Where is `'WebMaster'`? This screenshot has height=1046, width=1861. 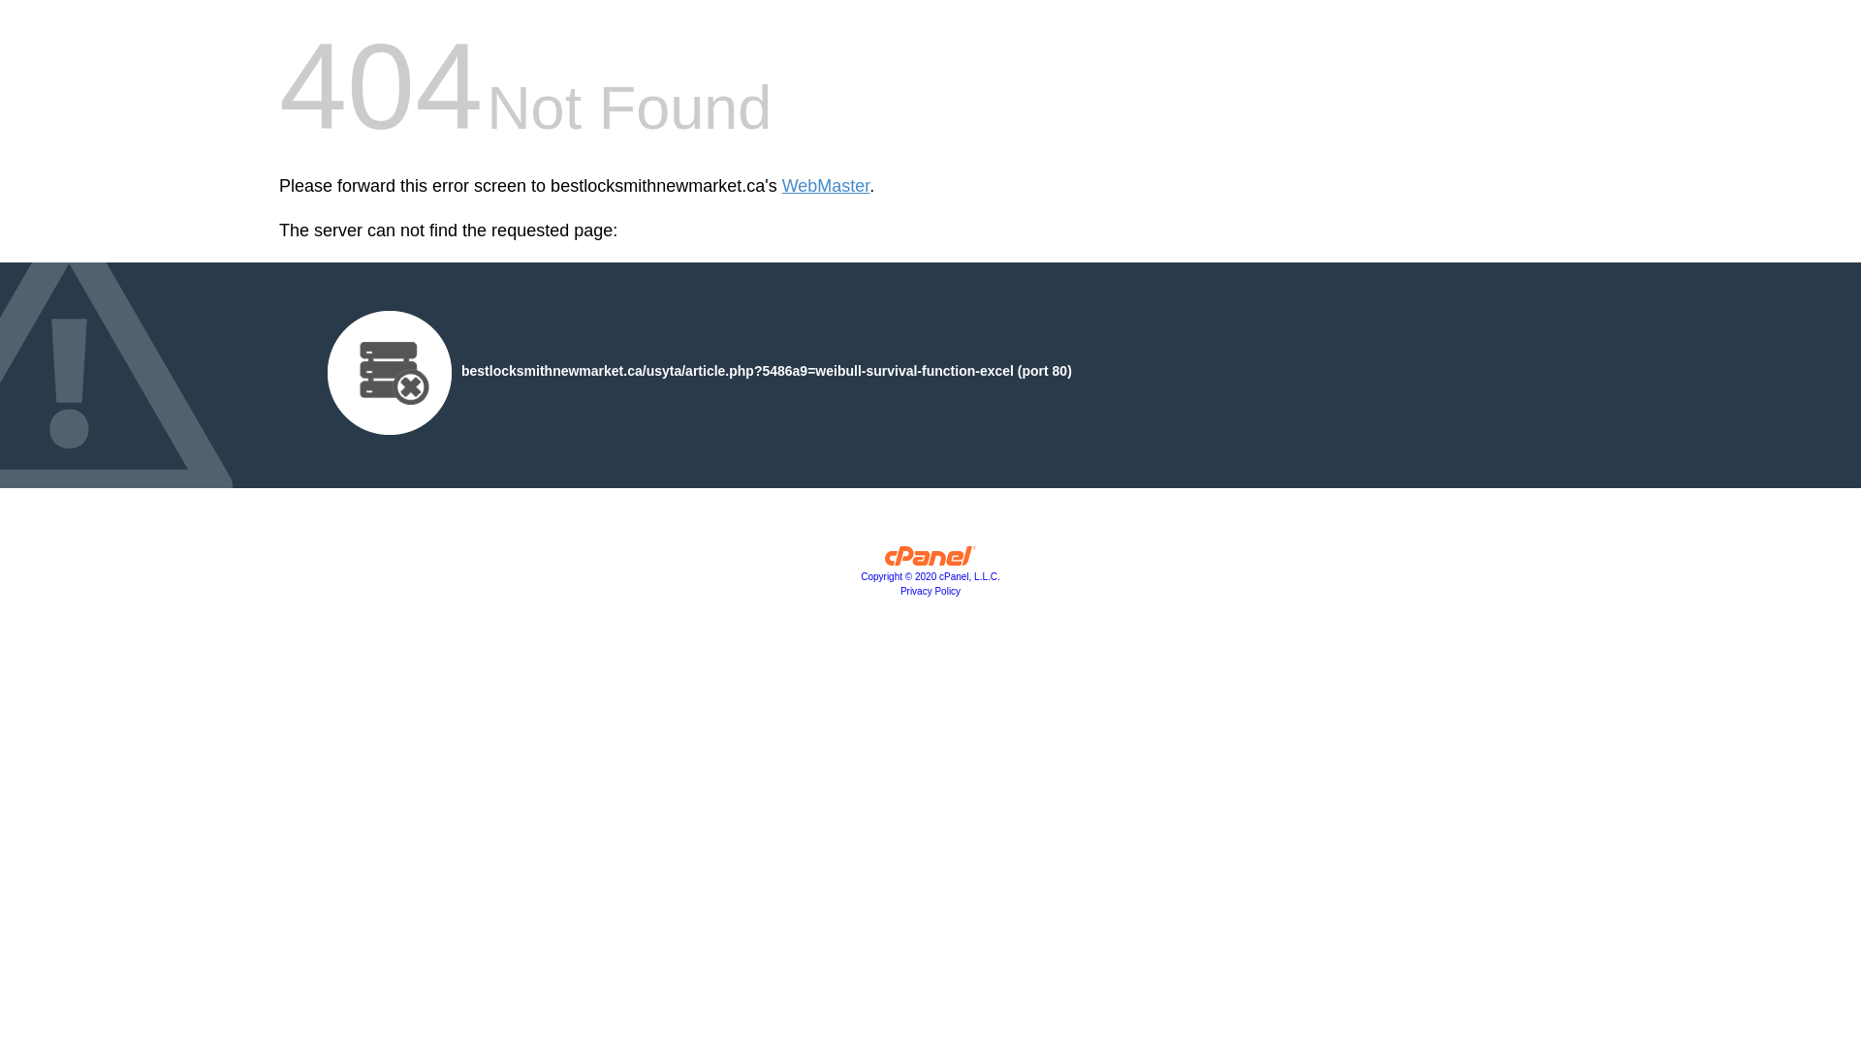 'WebMaster' is located at coordinates (826, 186).